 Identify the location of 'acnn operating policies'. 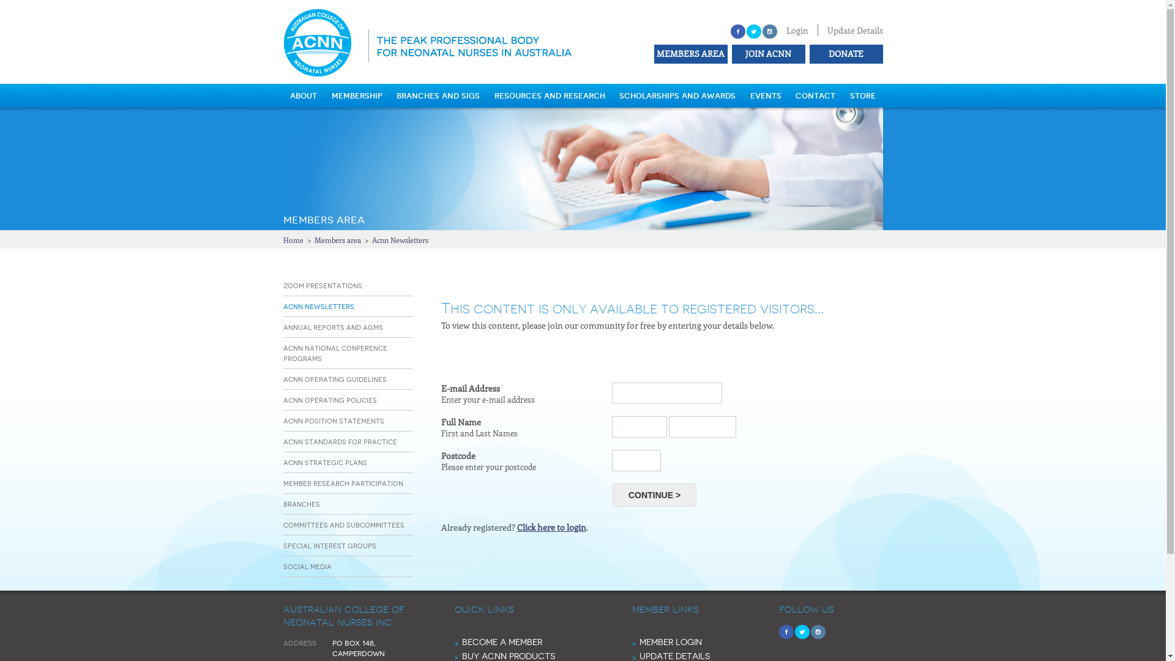
(282, 400).